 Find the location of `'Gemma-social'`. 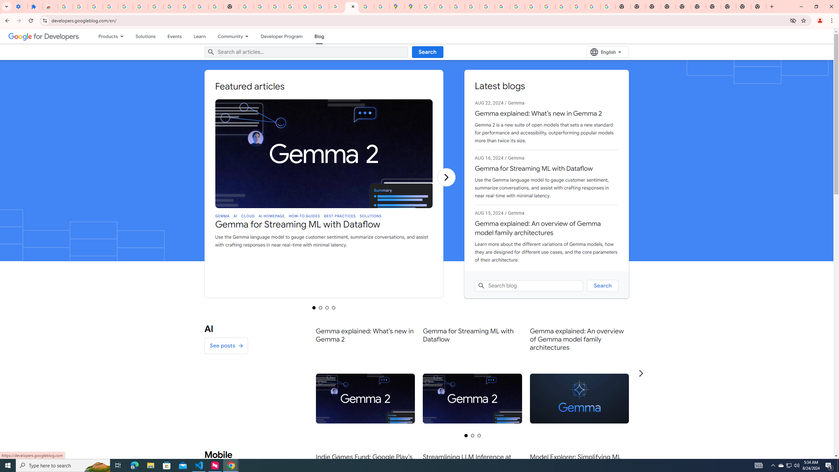

'Gemma-social' is located at coordinates (579, 398).